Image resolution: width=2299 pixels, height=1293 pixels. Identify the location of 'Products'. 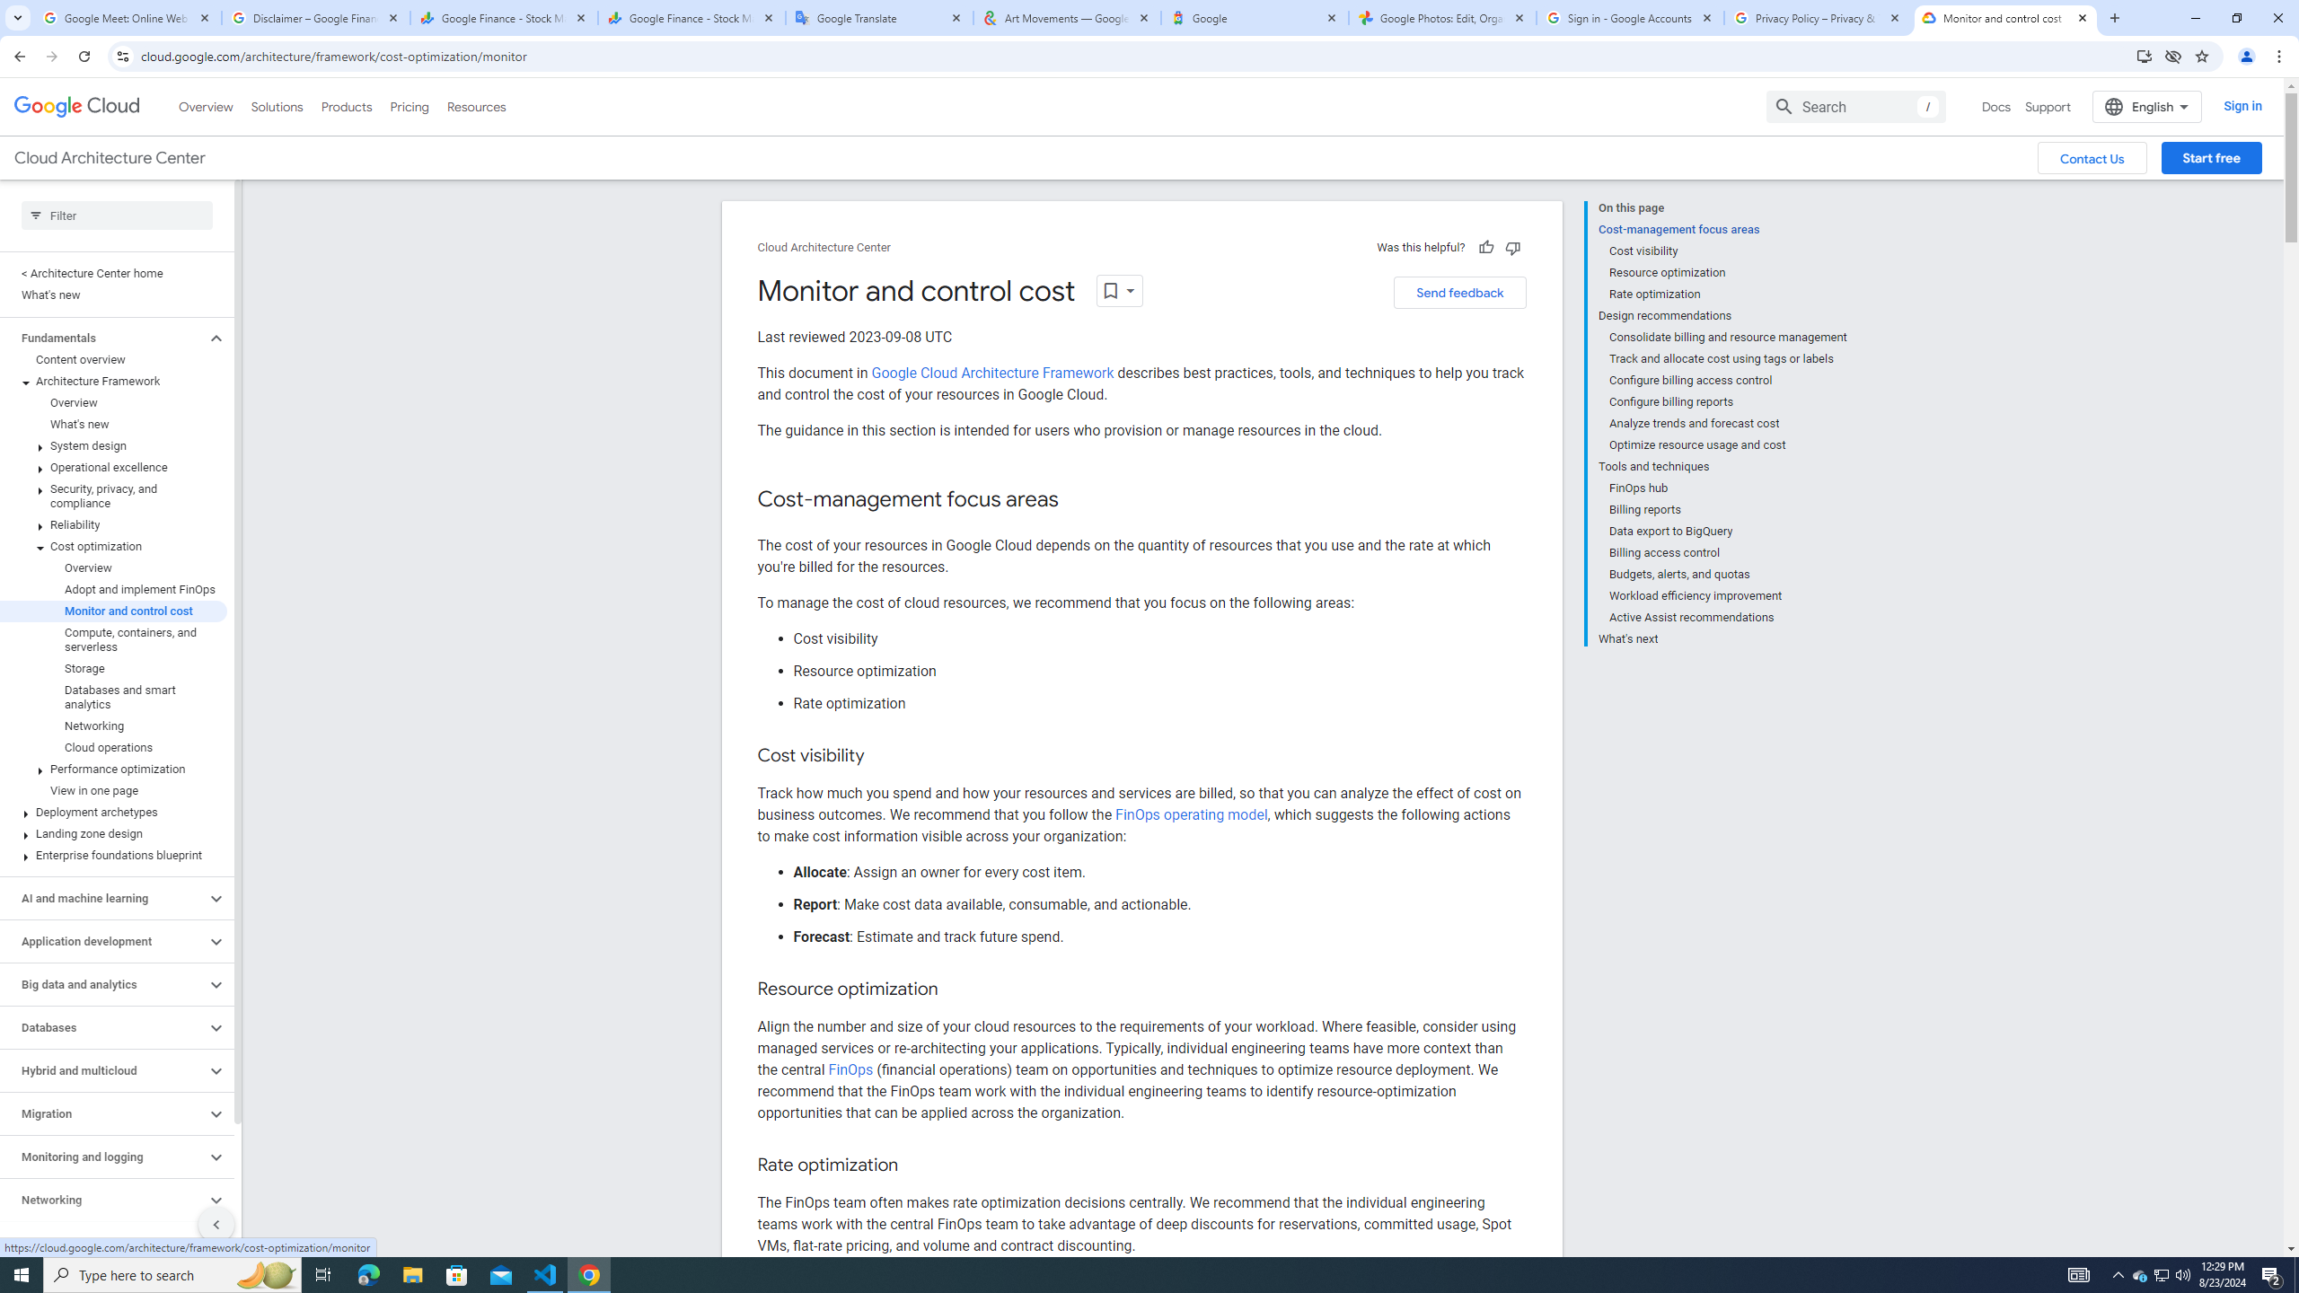
(345, 106).